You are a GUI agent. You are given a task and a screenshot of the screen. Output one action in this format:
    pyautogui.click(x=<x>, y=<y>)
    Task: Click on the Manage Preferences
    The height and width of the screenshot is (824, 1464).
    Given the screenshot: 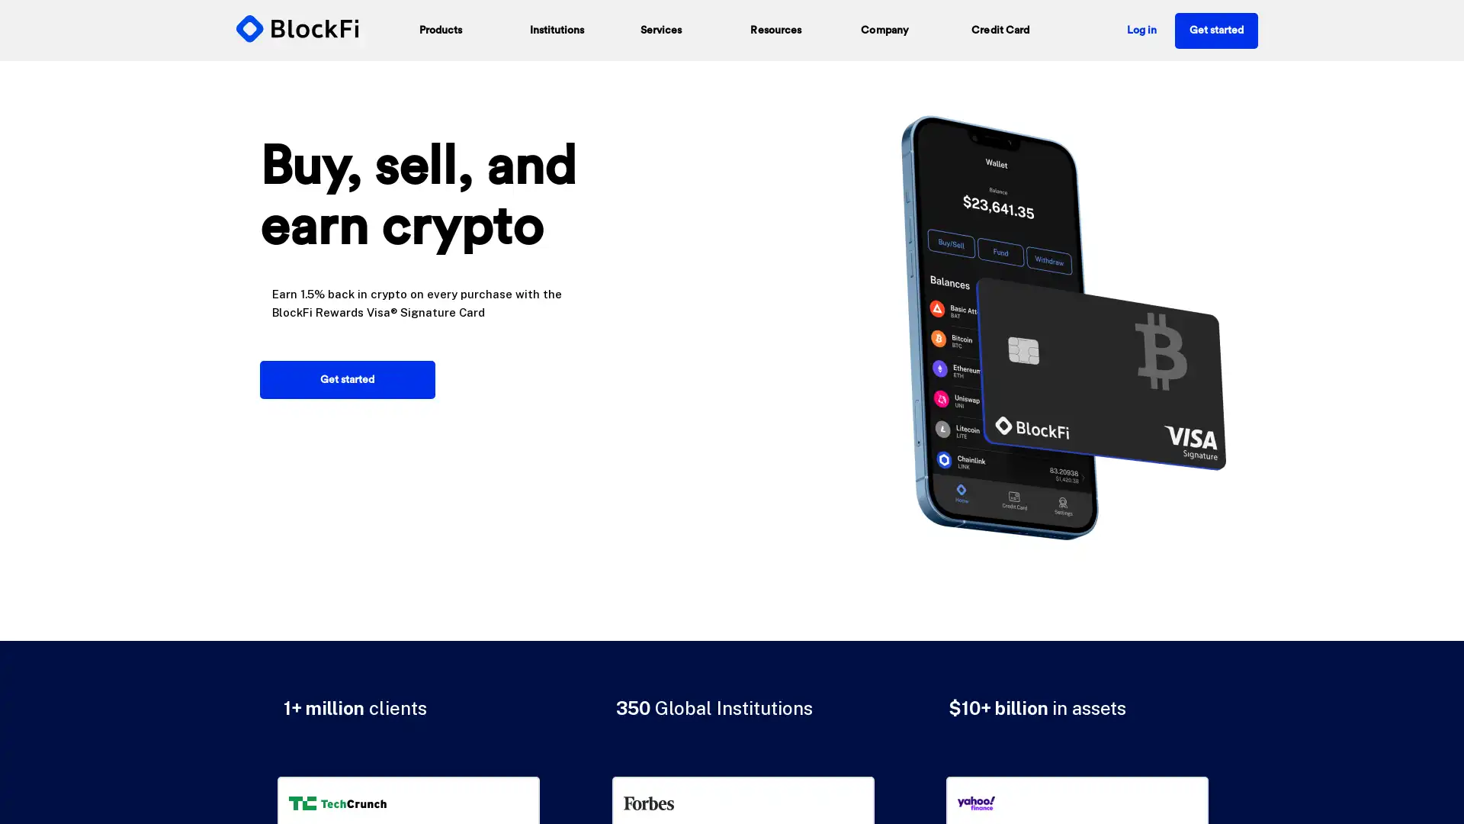 What is the action you would take?
    pyautogui.click(x=1039, y=768)
    